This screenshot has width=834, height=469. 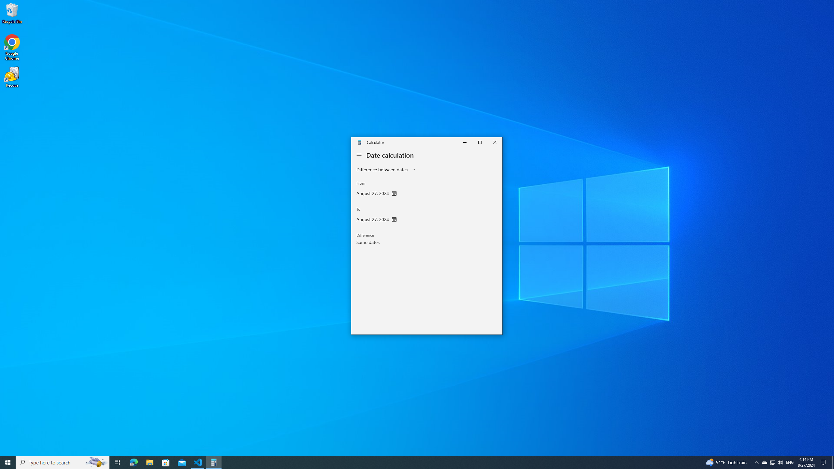 I want to click on 'Minimize Calculator', so click(x=464, y=142).